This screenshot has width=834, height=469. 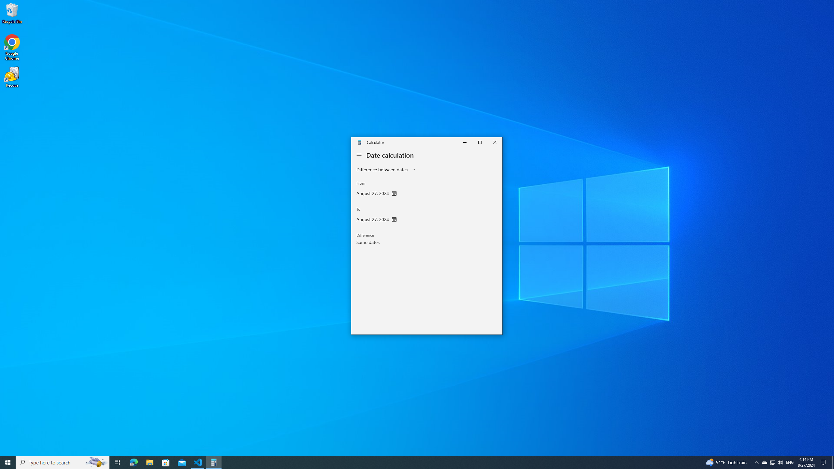 I want to click on 'Minimize Calculator', so click(x=464, y=142).